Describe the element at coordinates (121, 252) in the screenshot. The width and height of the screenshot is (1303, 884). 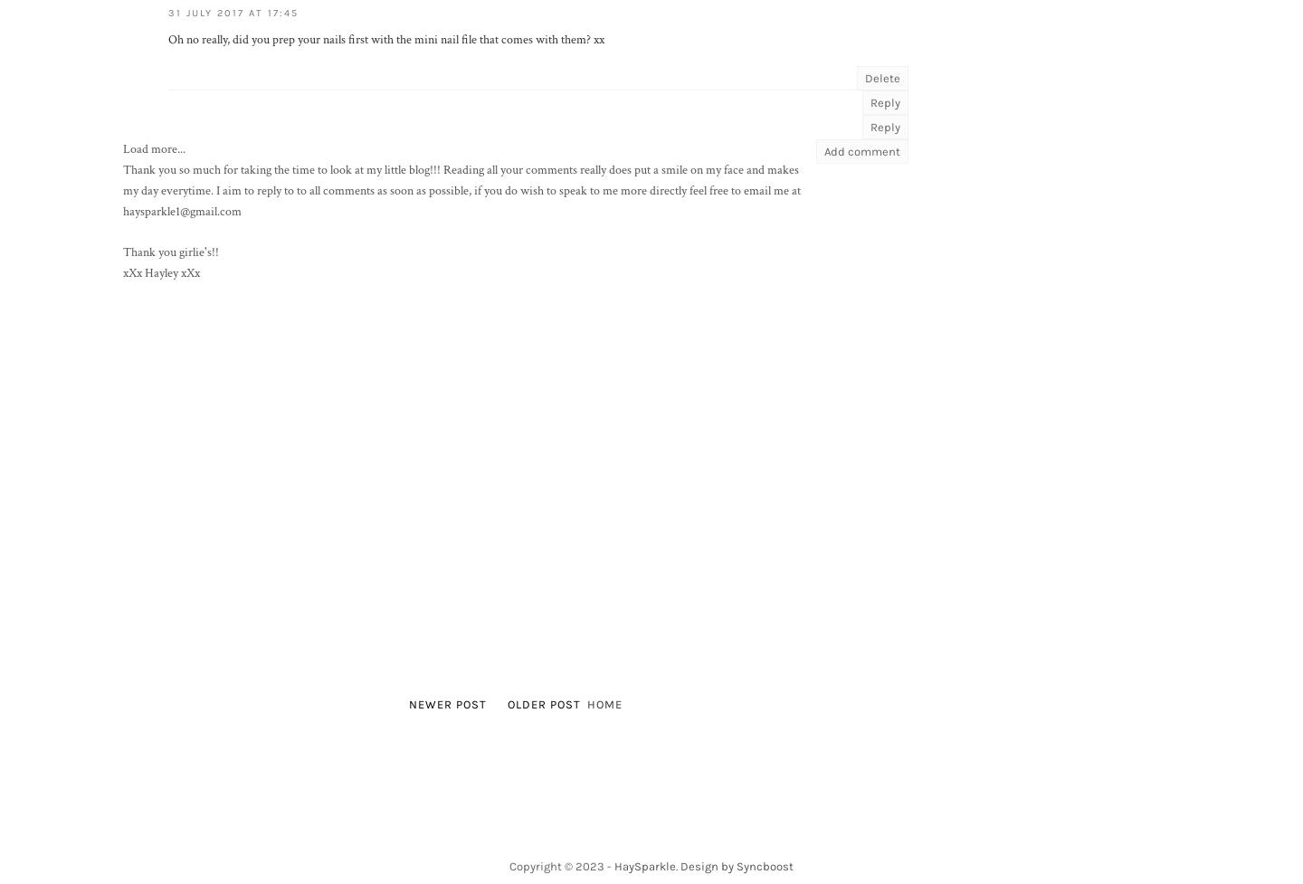
I see `'Thank you girlie's!!'` at that location.